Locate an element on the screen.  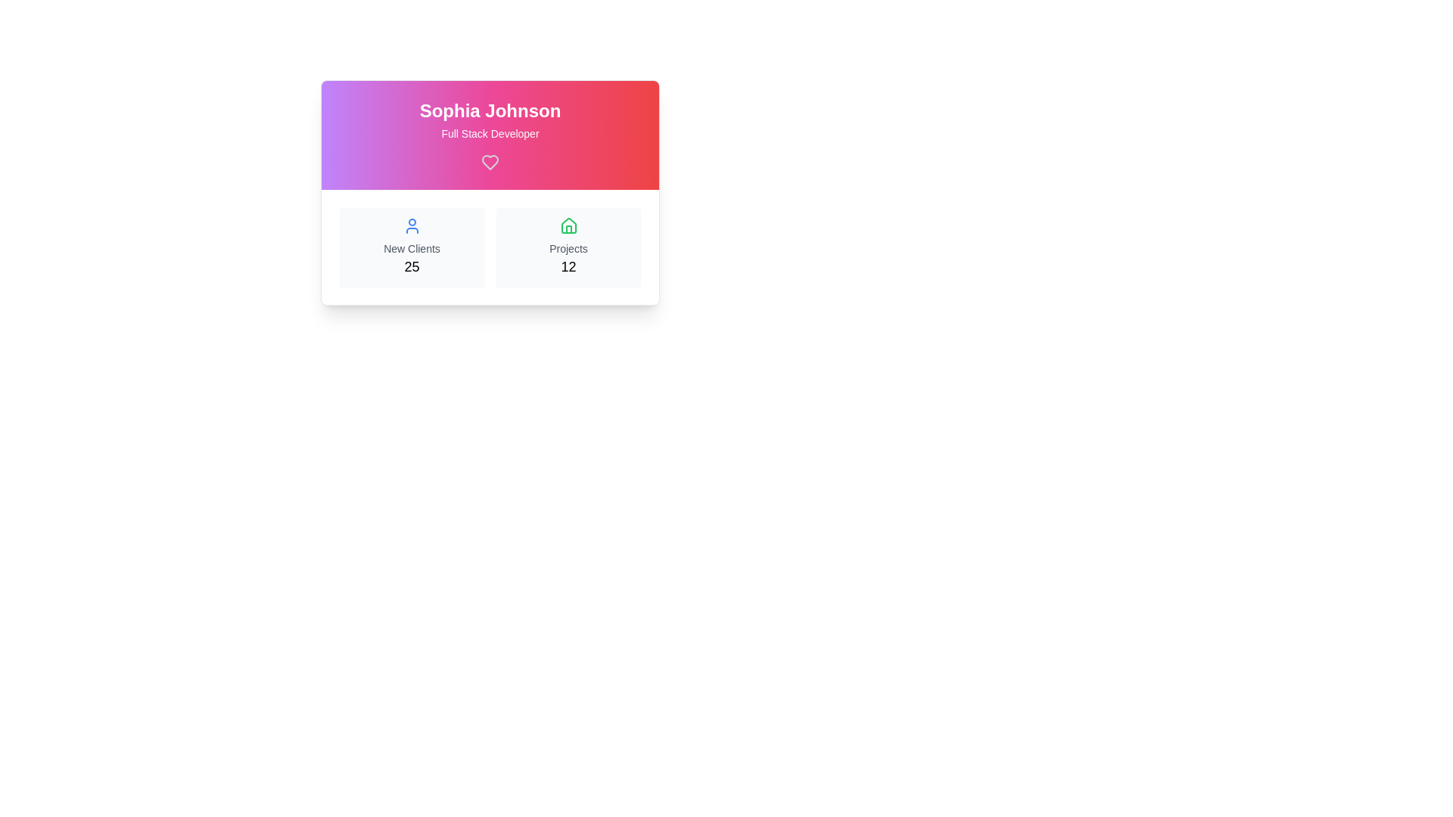
the heart icon located in the center of the header card, directly below the texts 'Sophia Johnson' and 'Full Stack Developer' is located at coordinates (490, 163).